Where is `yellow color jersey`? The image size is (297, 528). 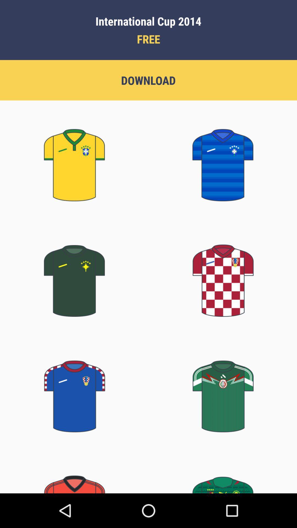
yellow color jersey is located at coordinates (74, 158).